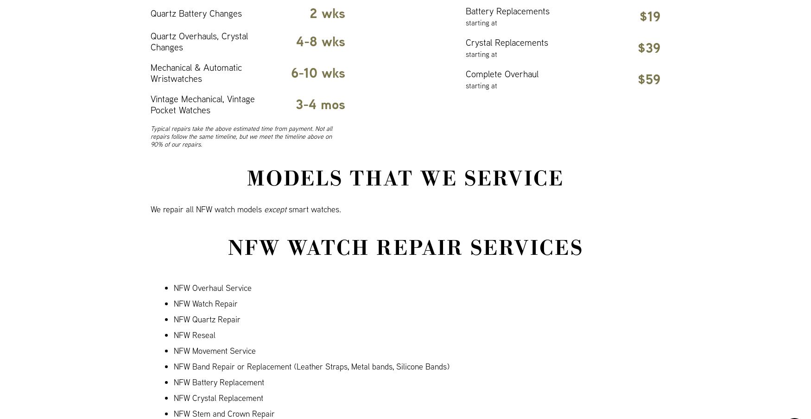 Image resolution: width=811 pixels, height=419 pixels. What do you see at coordinates (320, 104) in the screenshot?
I see `'3-4 mos'` at bounding box center [320, 104].